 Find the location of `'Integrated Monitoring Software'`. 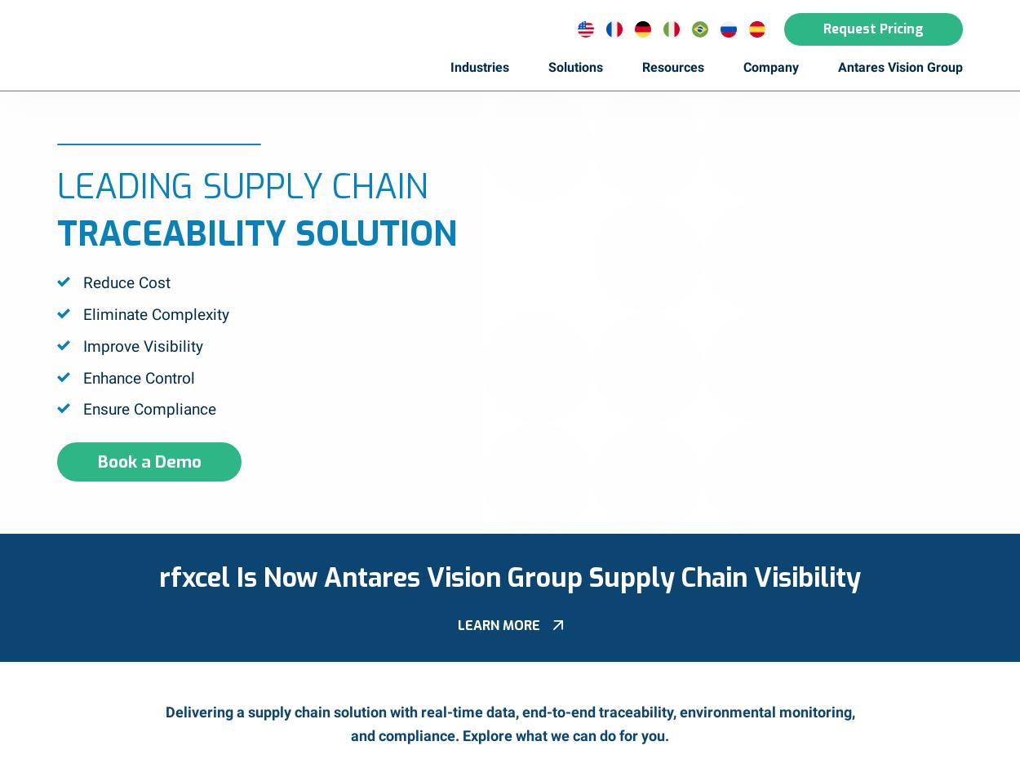

'Integrated Monitoring Software' is located at coordinates (557, 278).